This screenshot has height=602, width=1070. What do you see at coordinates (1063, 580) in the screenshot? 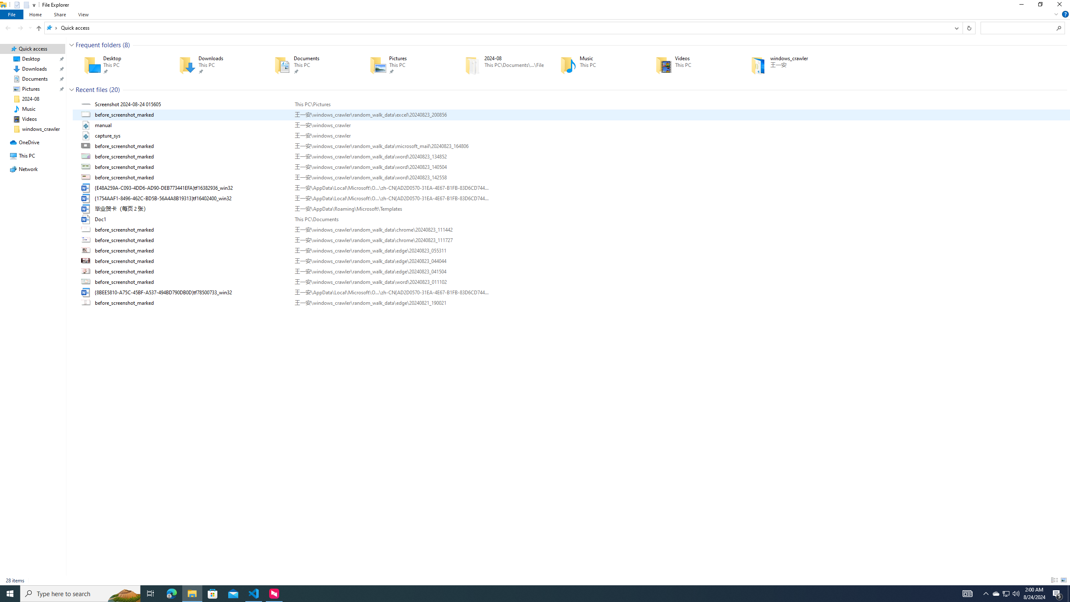
I see `'Large Icons'` at bounding box center [1063, 580].